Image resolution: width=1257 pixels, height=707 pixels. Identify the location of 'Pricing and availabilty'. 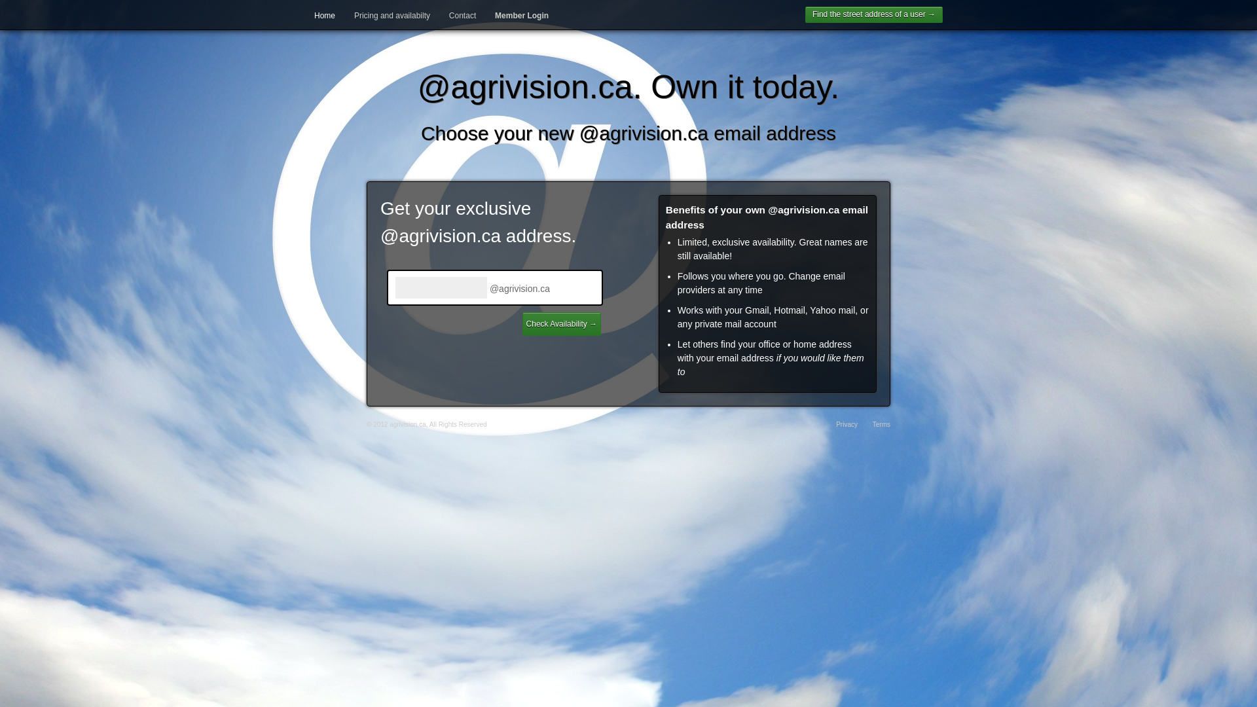
(354, 15).